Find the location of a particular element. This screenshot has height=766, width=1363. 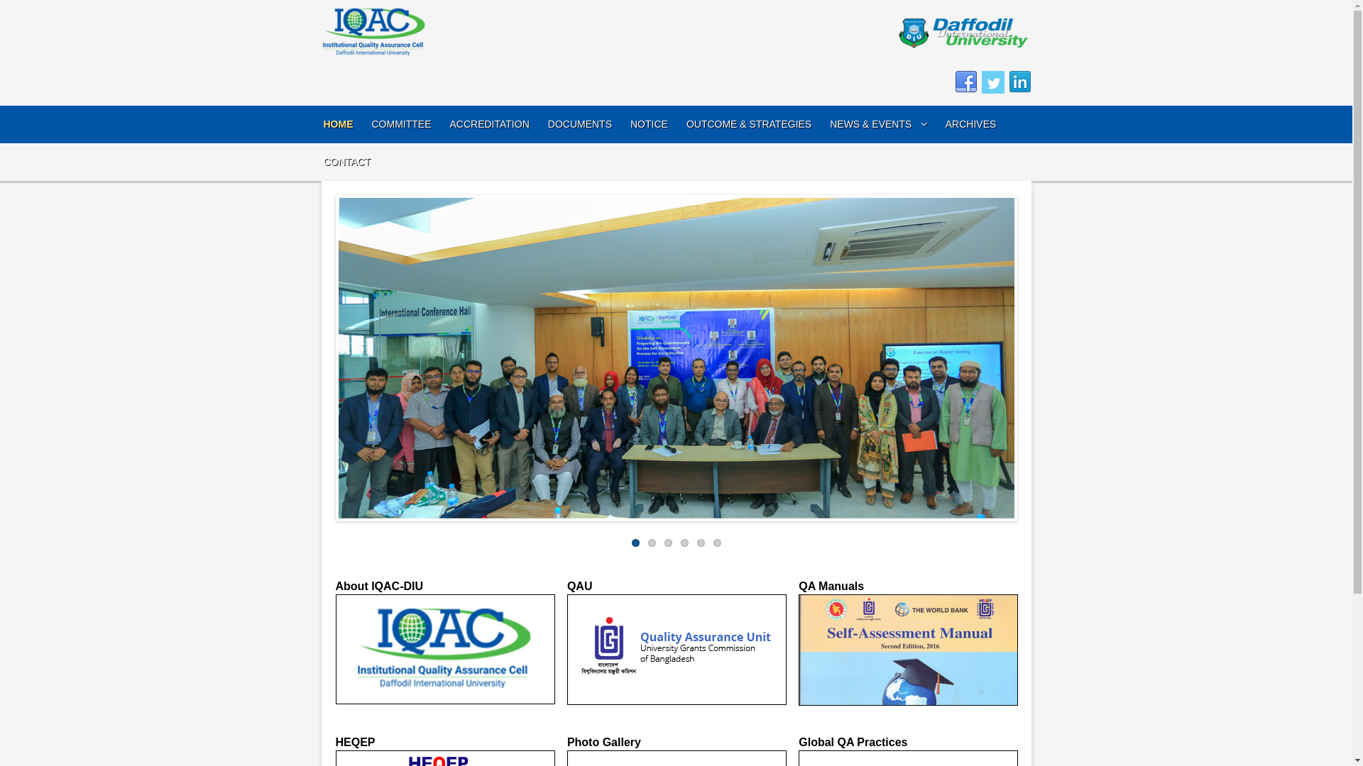

'COMMITTEE' is located at coordinates (401, 123).